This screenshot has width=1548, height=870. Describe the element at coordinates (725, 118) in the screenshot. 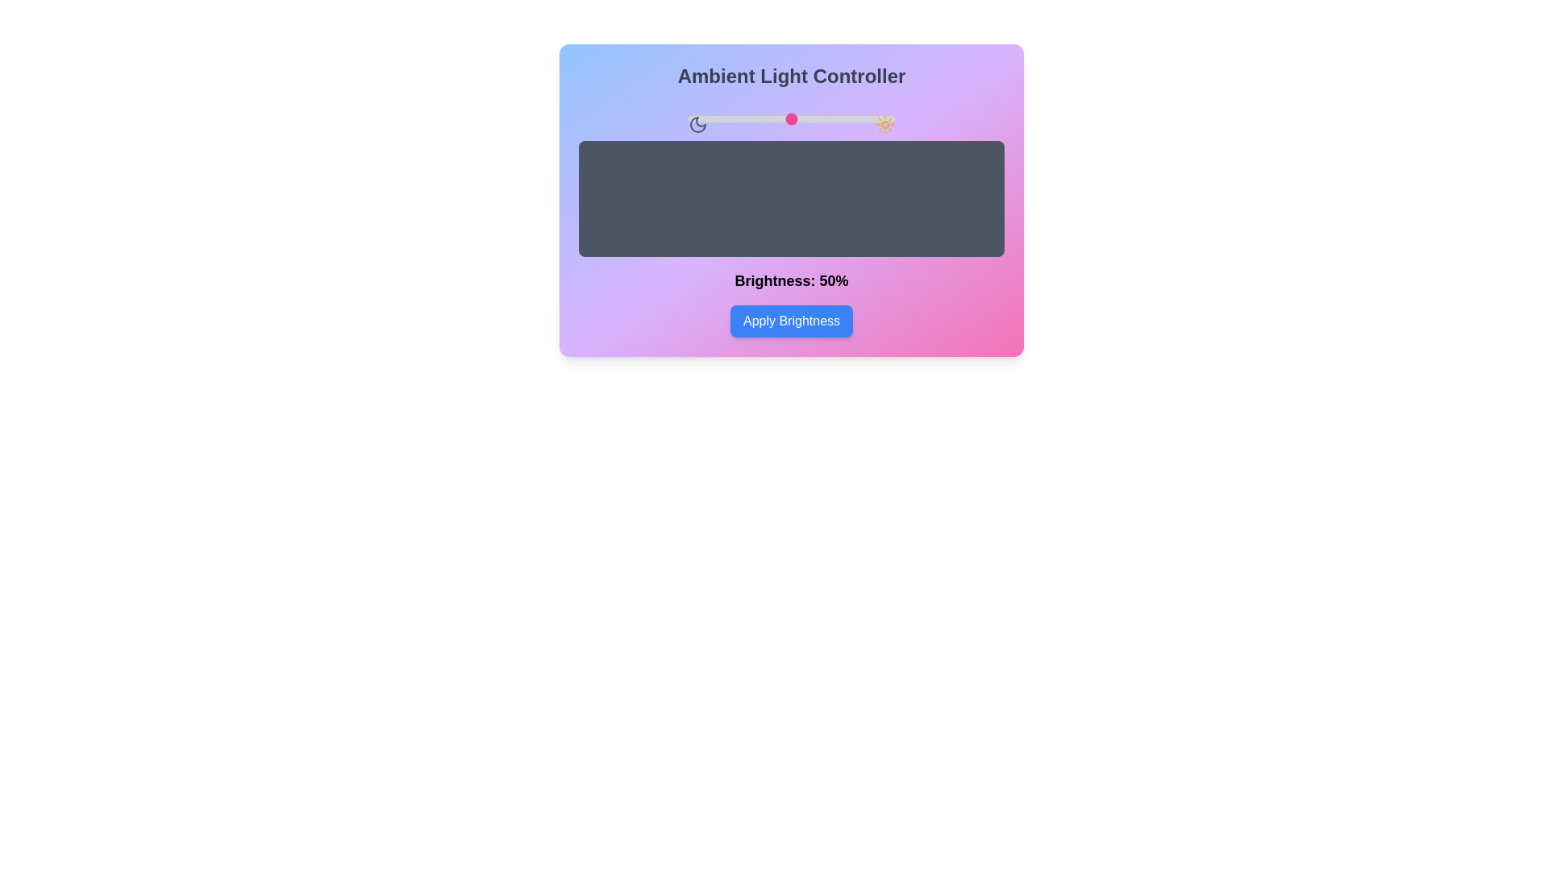

I see `the brightness slider to 18%` at that location.